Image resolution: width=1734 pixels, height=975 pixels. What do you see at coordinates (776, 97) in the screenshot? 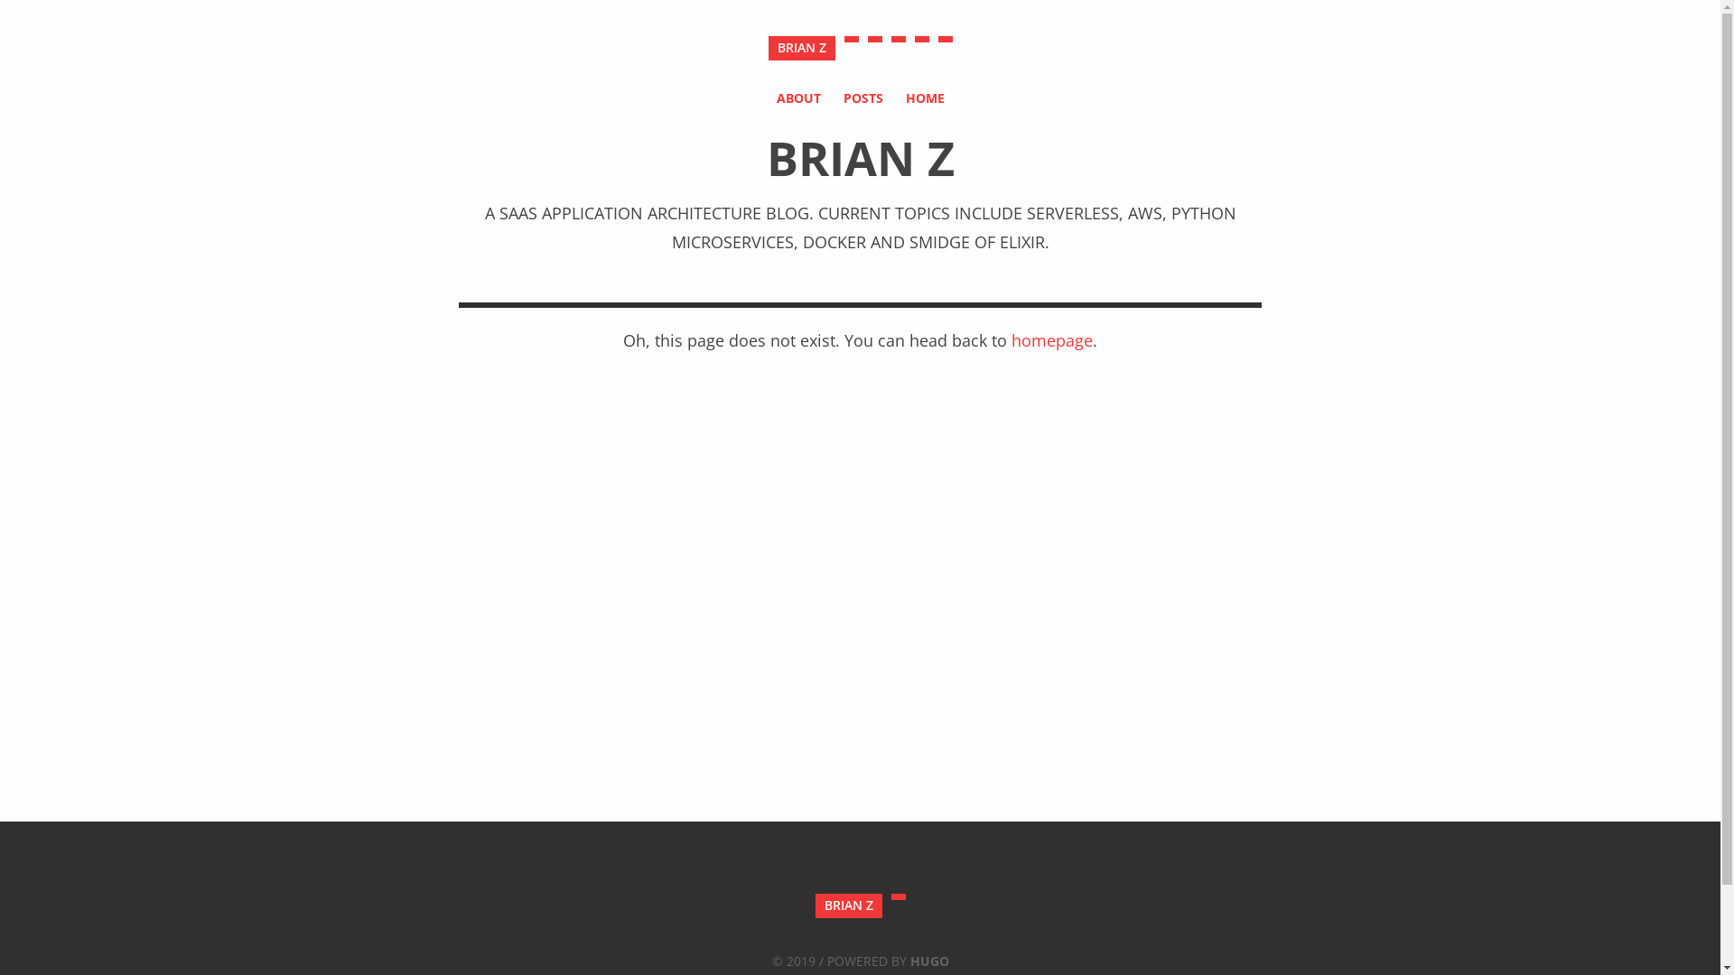
I see `'ABOUT'` at bounding box center [776, 97].